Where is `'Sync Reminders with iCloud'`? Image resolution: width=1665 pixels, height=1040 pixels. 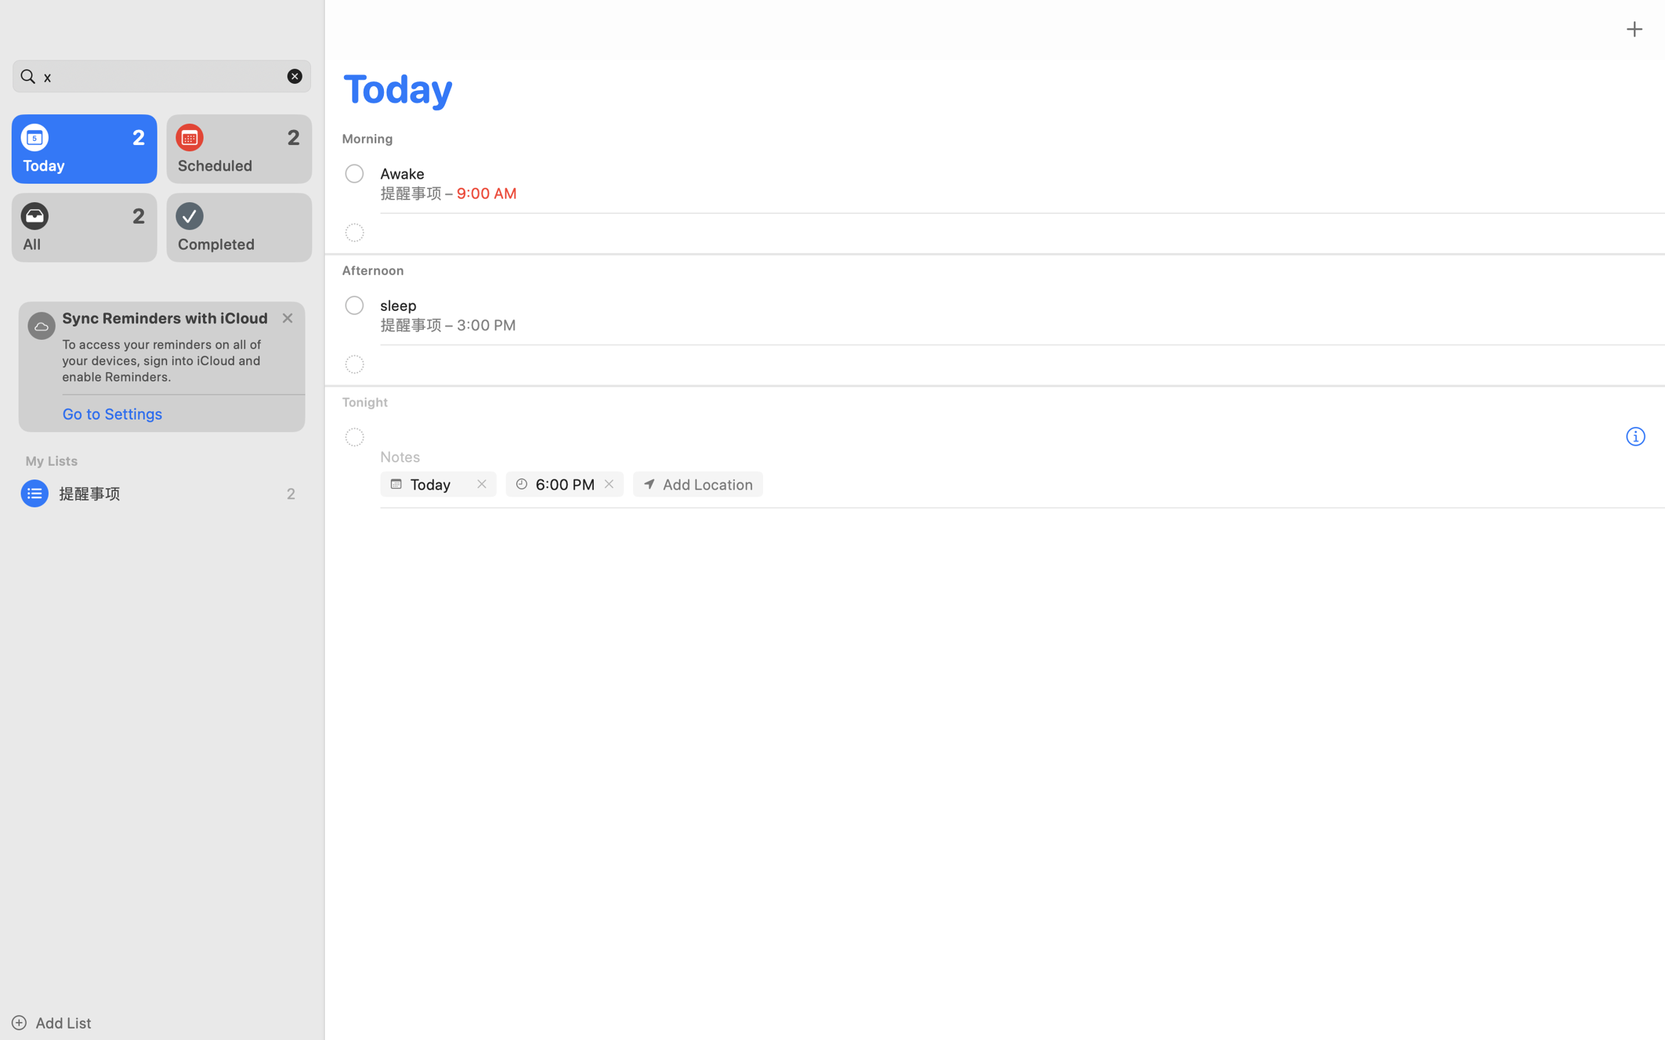
'Sync Reminders with iCloud' is located at coordinates (164, 317).